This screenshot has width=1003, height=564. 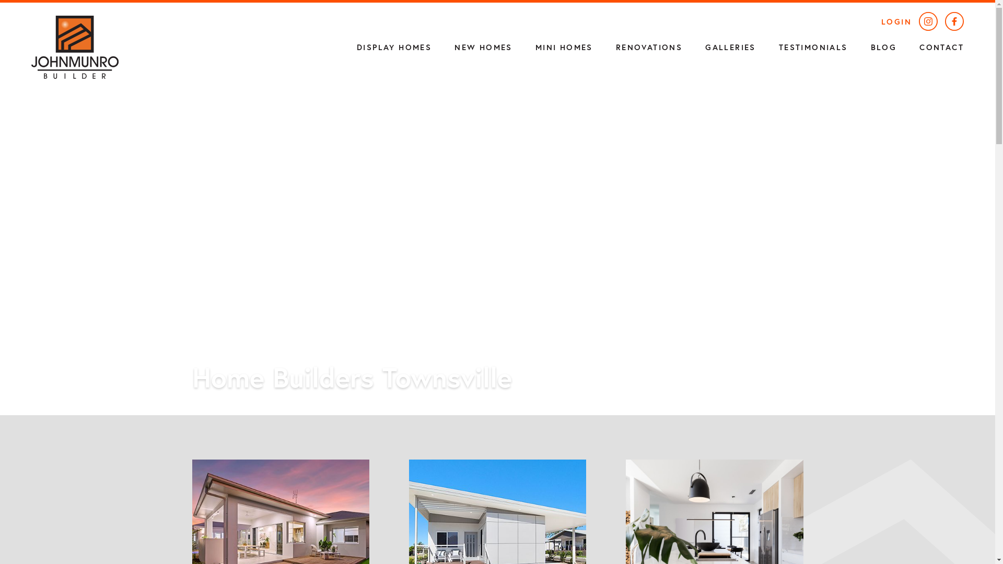 What do you see at coordinates (694, 46) in the screenshot?
I see `'GALLERIES'` at bounding box center [694, 46].